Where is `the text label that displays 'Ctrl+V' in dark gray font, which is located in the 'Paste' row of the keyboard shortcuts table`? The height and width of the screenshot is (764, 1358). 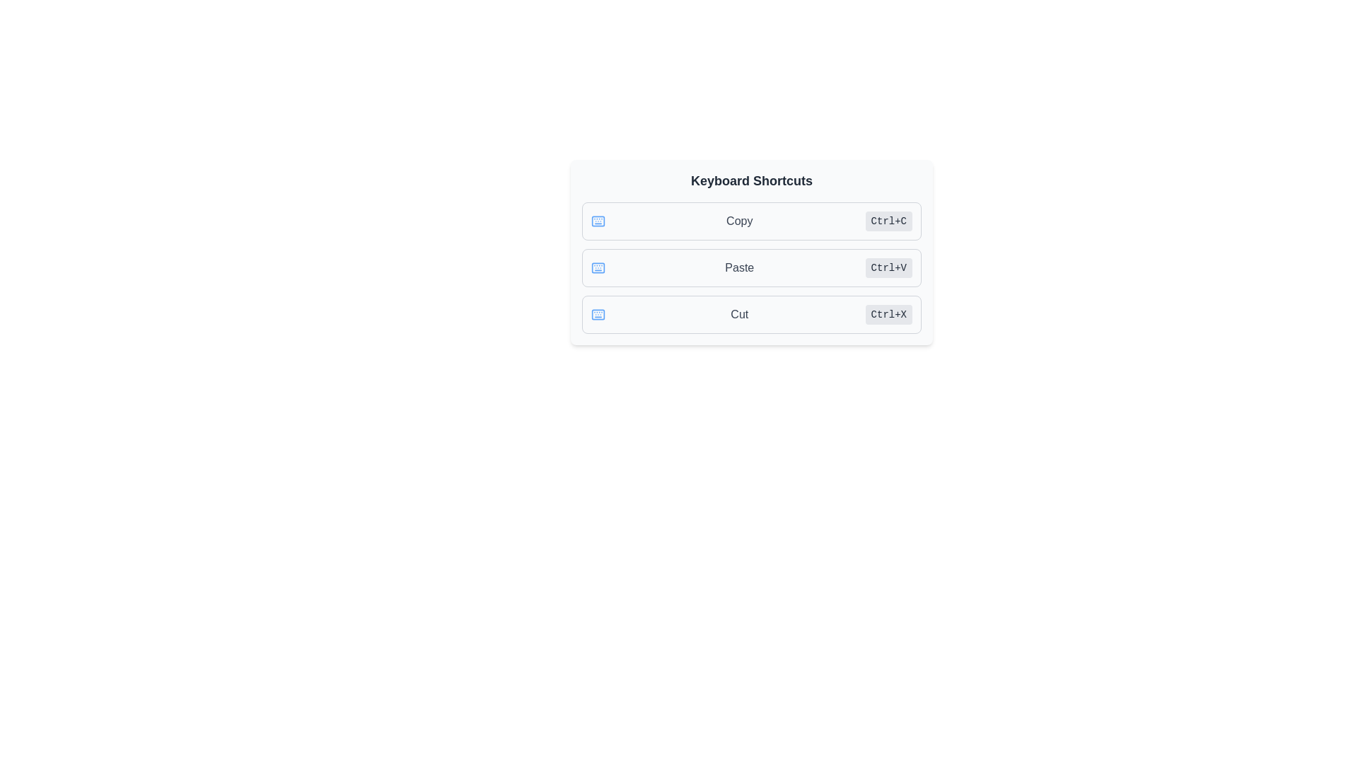
the text label that displays 'Ctrl+V' in dark gray font, which is located in the 'Paste' row of the keyboard shortcuts table is located at coordinates (888, 267).